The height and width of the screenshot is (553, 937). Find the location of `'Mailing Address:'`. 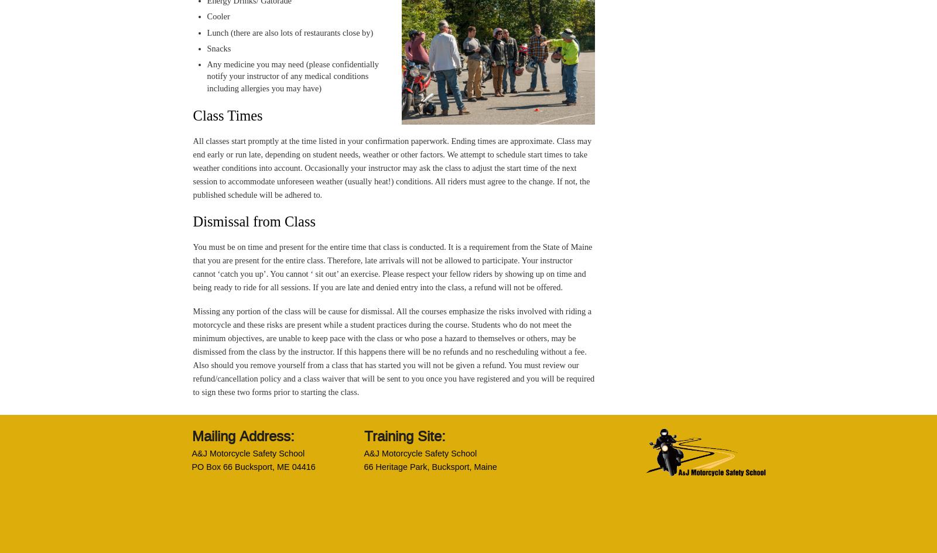

'Mailing Address:' is located at coordinates (242, 435).